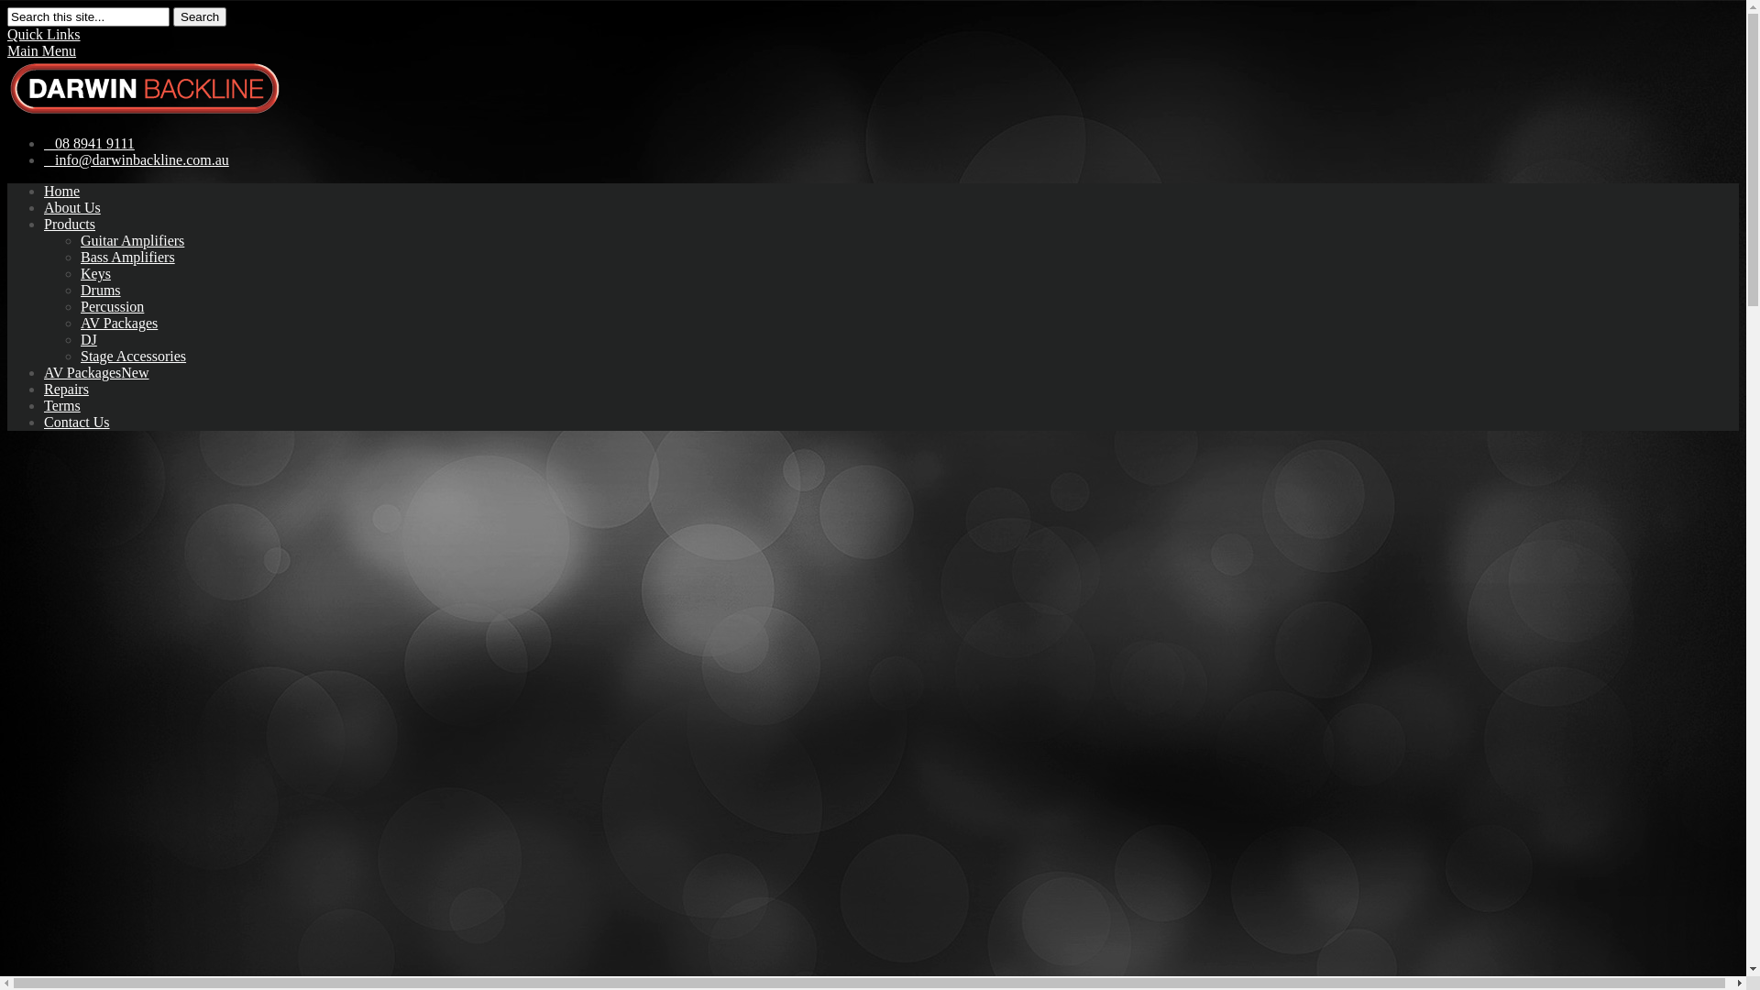  What do you see at coordinates (61, 404) in the screenshot?
I see `'Terms'` at bounding box center [61, 404].